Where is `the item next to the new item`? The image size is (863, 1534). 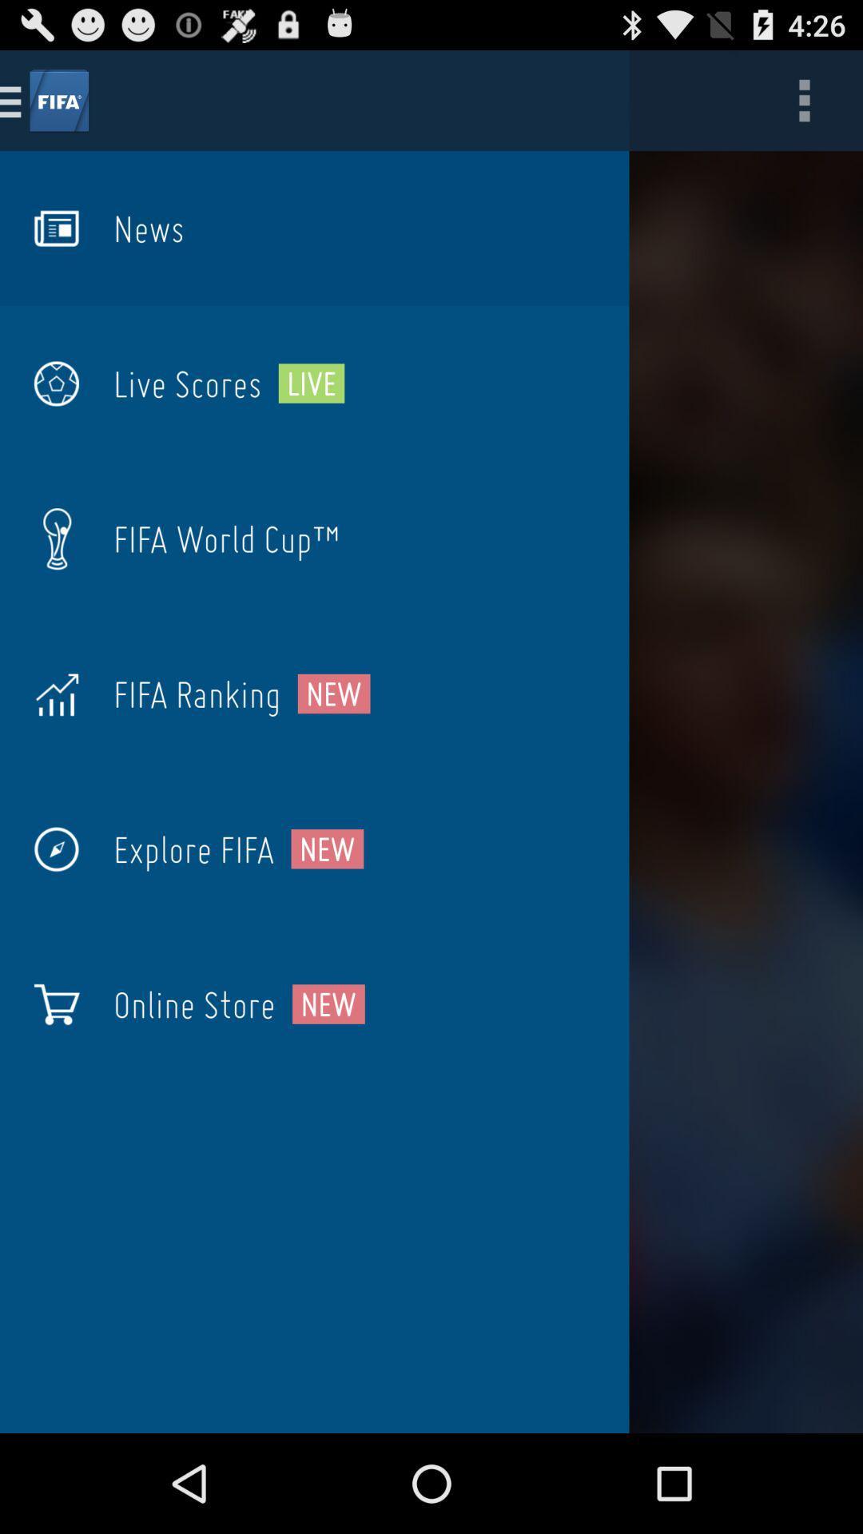 the item next to the new item is located at coordinates (193, 1003).